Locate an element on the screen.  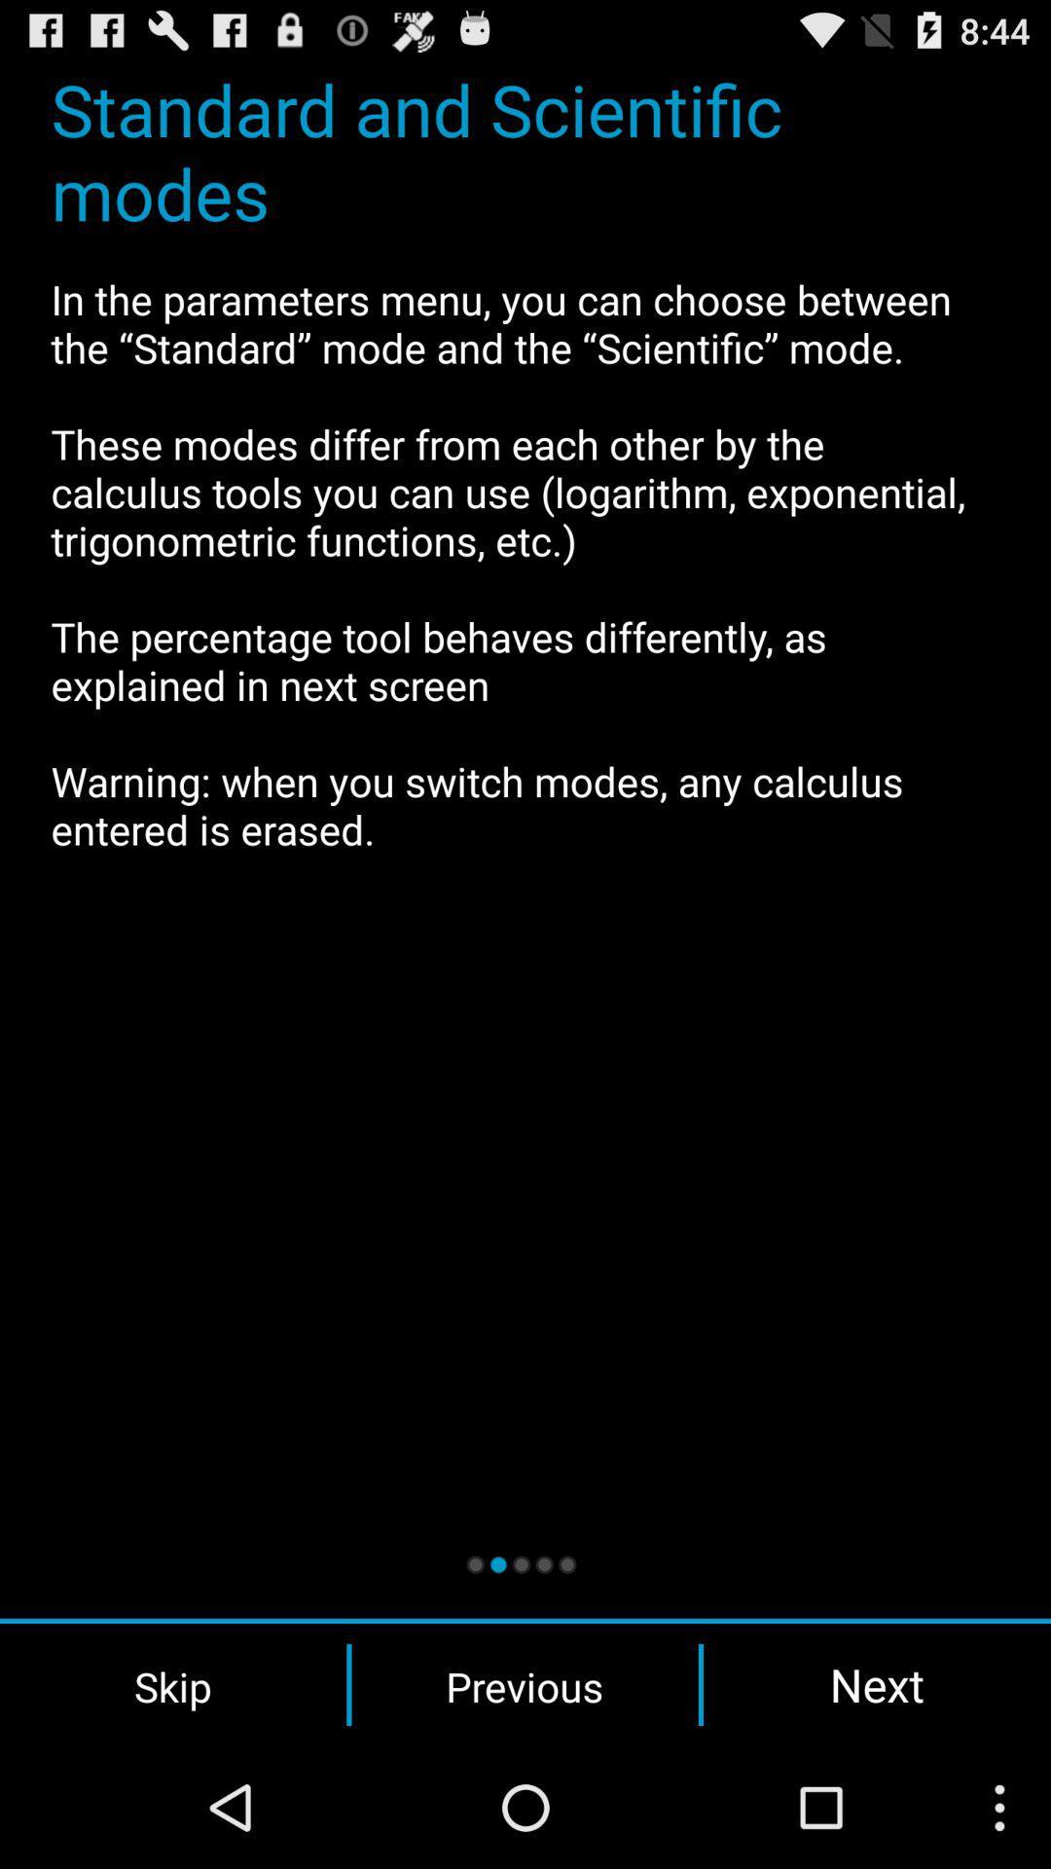
the next button is located at coordinates (877, 1684).